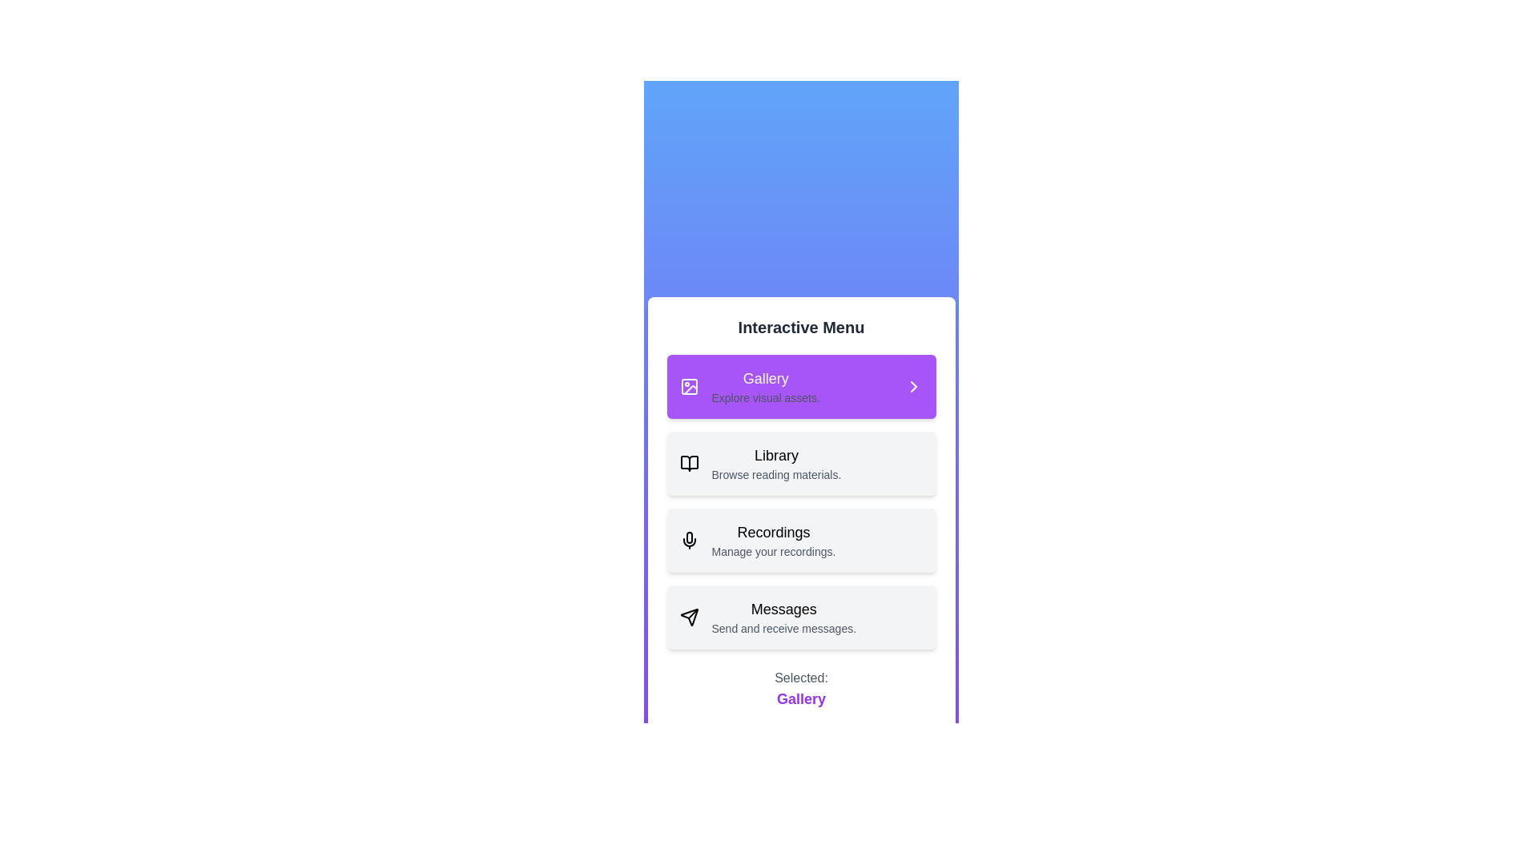 This screenshot has height=865, width=1538. I want to click on the icon of the list item labeled Recordings, so click(689, 541).